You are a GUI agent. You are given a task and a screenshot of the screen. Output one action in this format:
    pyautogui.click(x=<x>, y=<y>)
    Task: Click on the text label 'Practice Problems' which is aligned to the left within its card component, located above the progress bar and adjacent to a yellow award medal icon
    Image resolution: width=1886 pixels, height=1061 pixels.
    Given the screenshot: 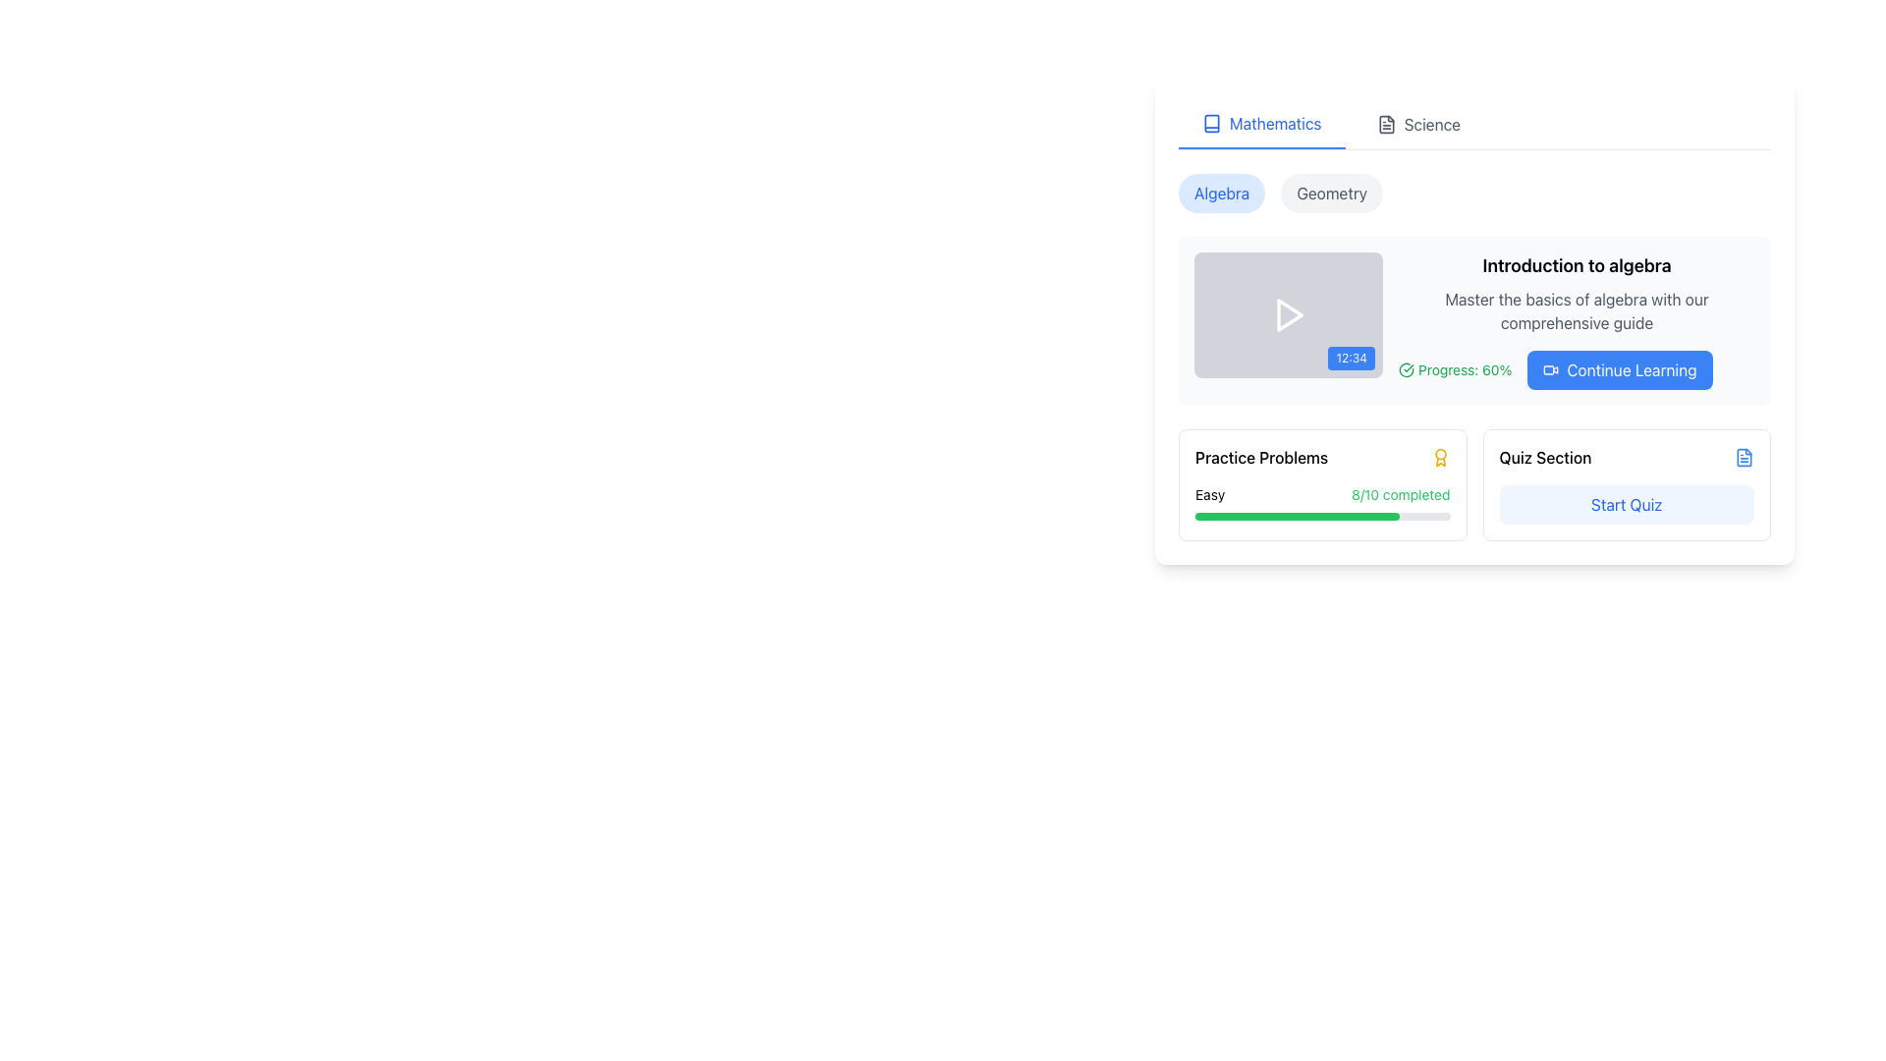 What is the action you would take?
    pyautogui.click(x=1322, y=458)
    